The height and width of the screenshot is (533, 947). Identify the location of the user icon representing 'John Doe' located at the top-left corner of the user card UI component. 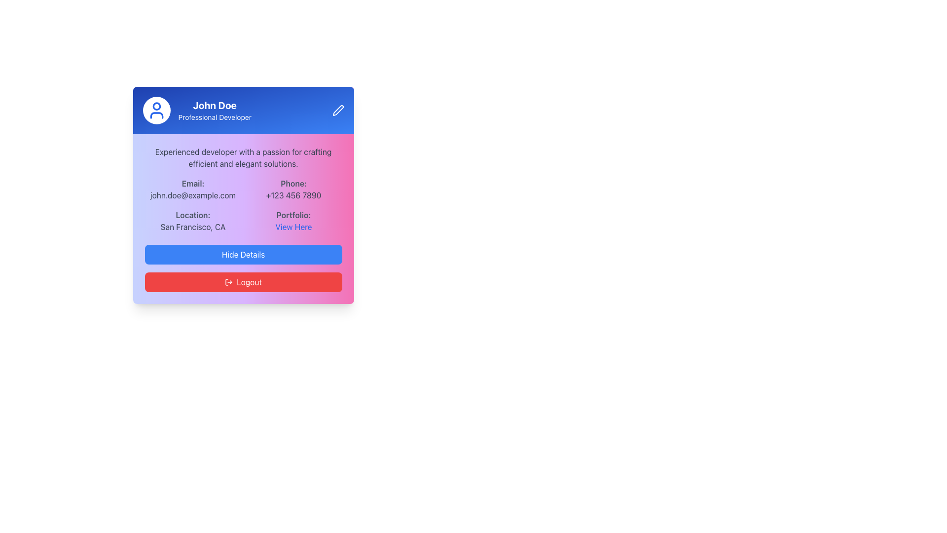
(156, 110).